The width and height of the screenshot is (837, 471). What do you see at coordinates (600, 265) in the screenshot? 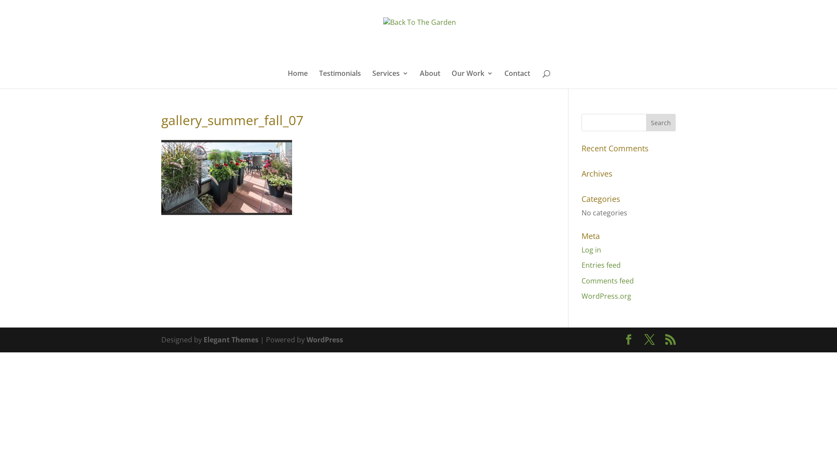
I see `'Entries feed'` at bounding box center [600, 265].